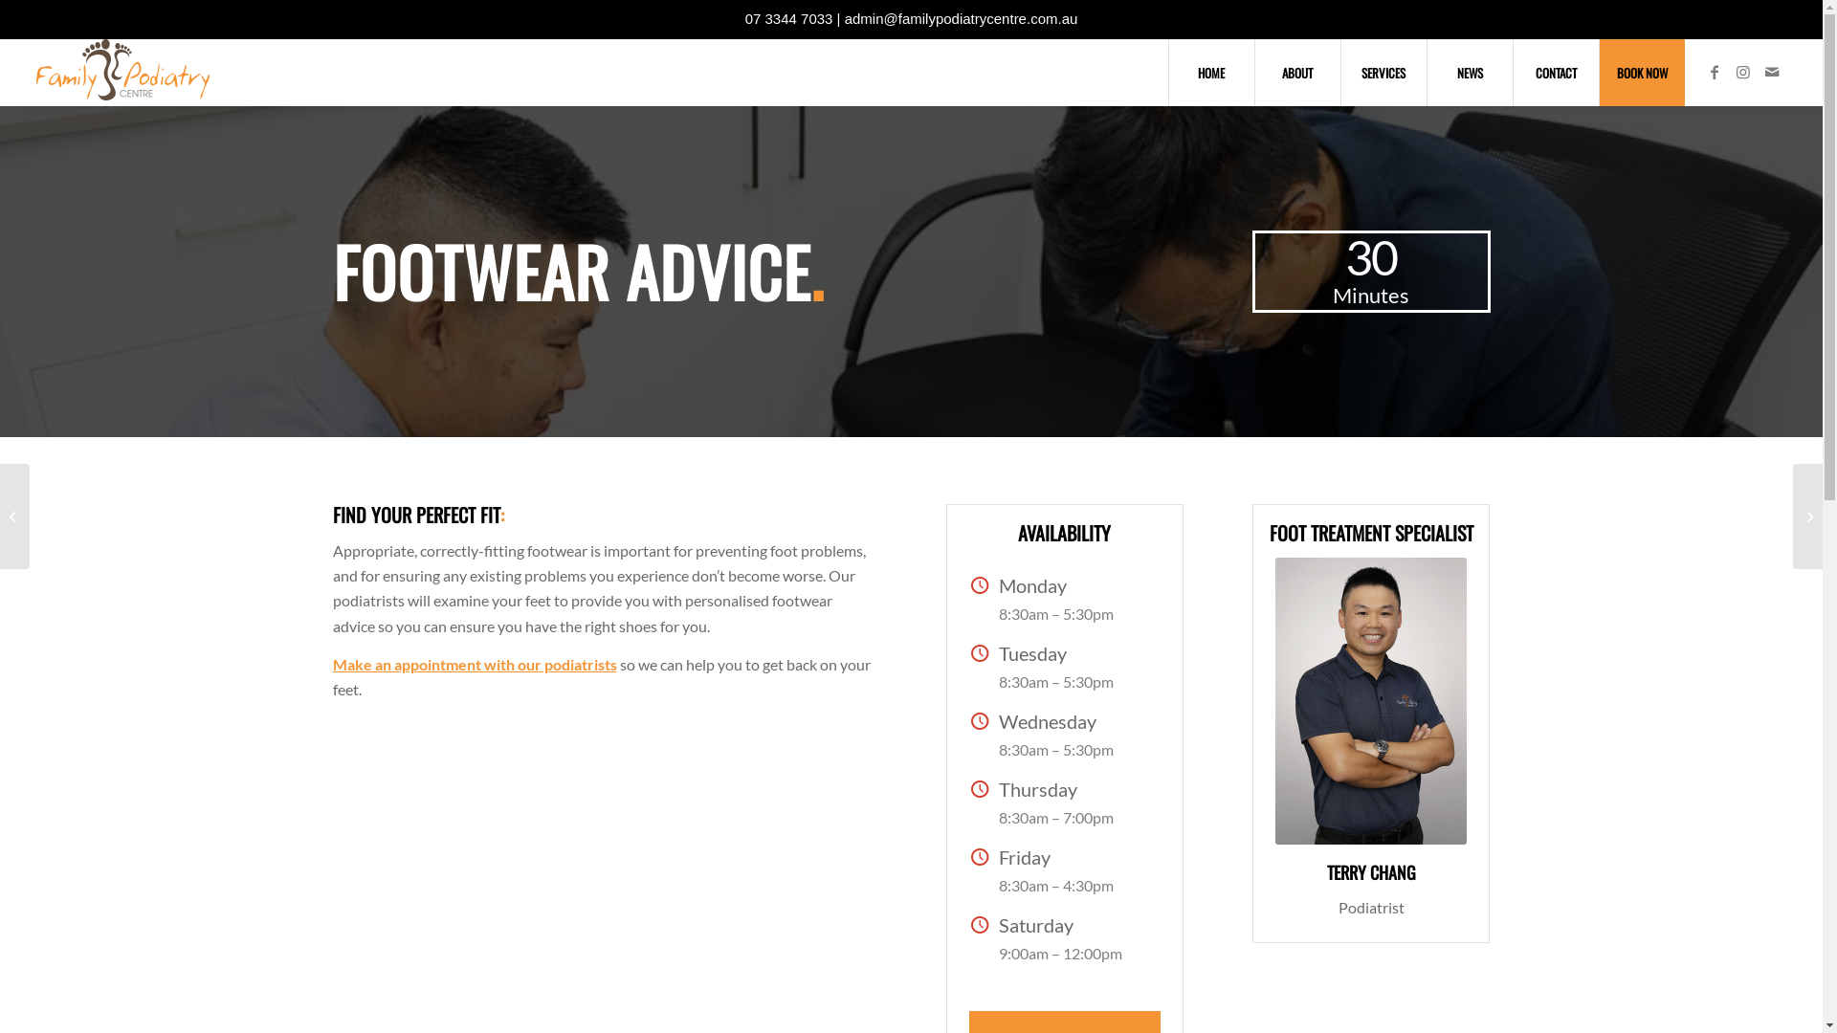 The height and width of the screenshot is (1033, 1837). I want to click on 'ABOUT', so click(1297, 72).